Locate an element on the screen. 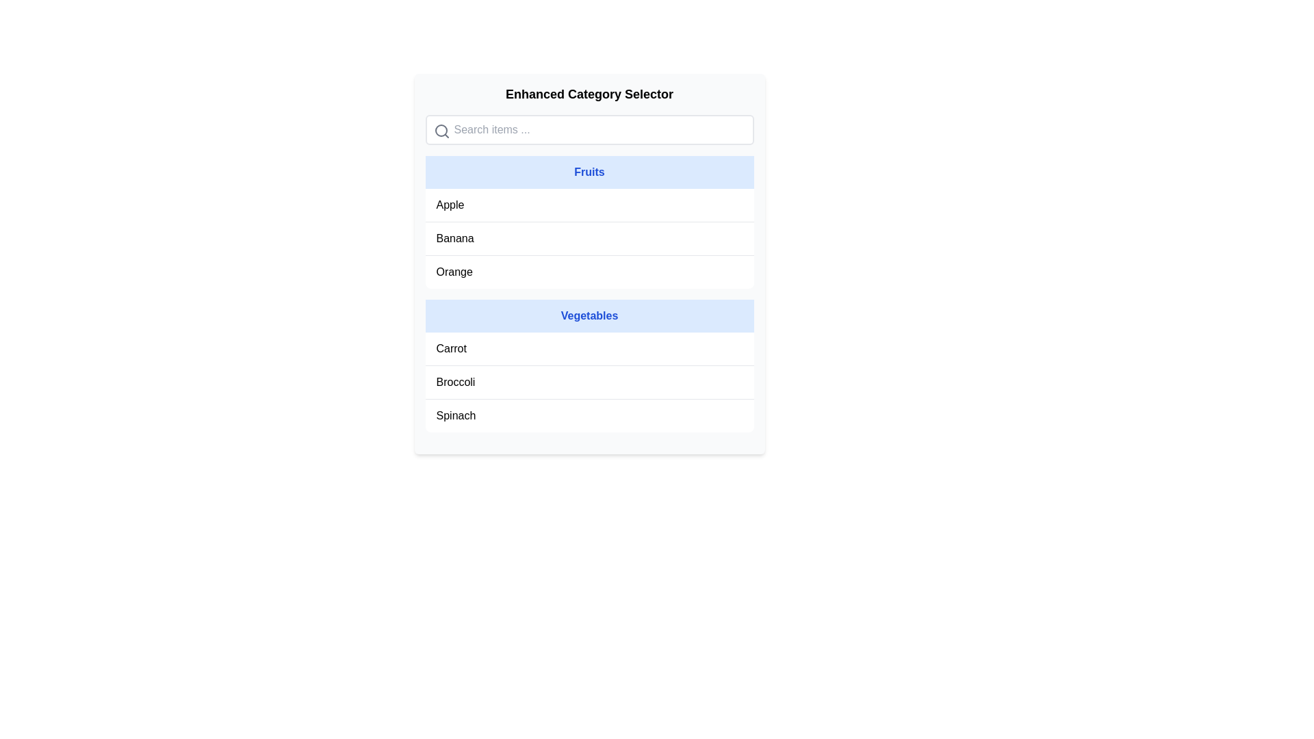  the first selectable item is located at coordinates (589, 205).